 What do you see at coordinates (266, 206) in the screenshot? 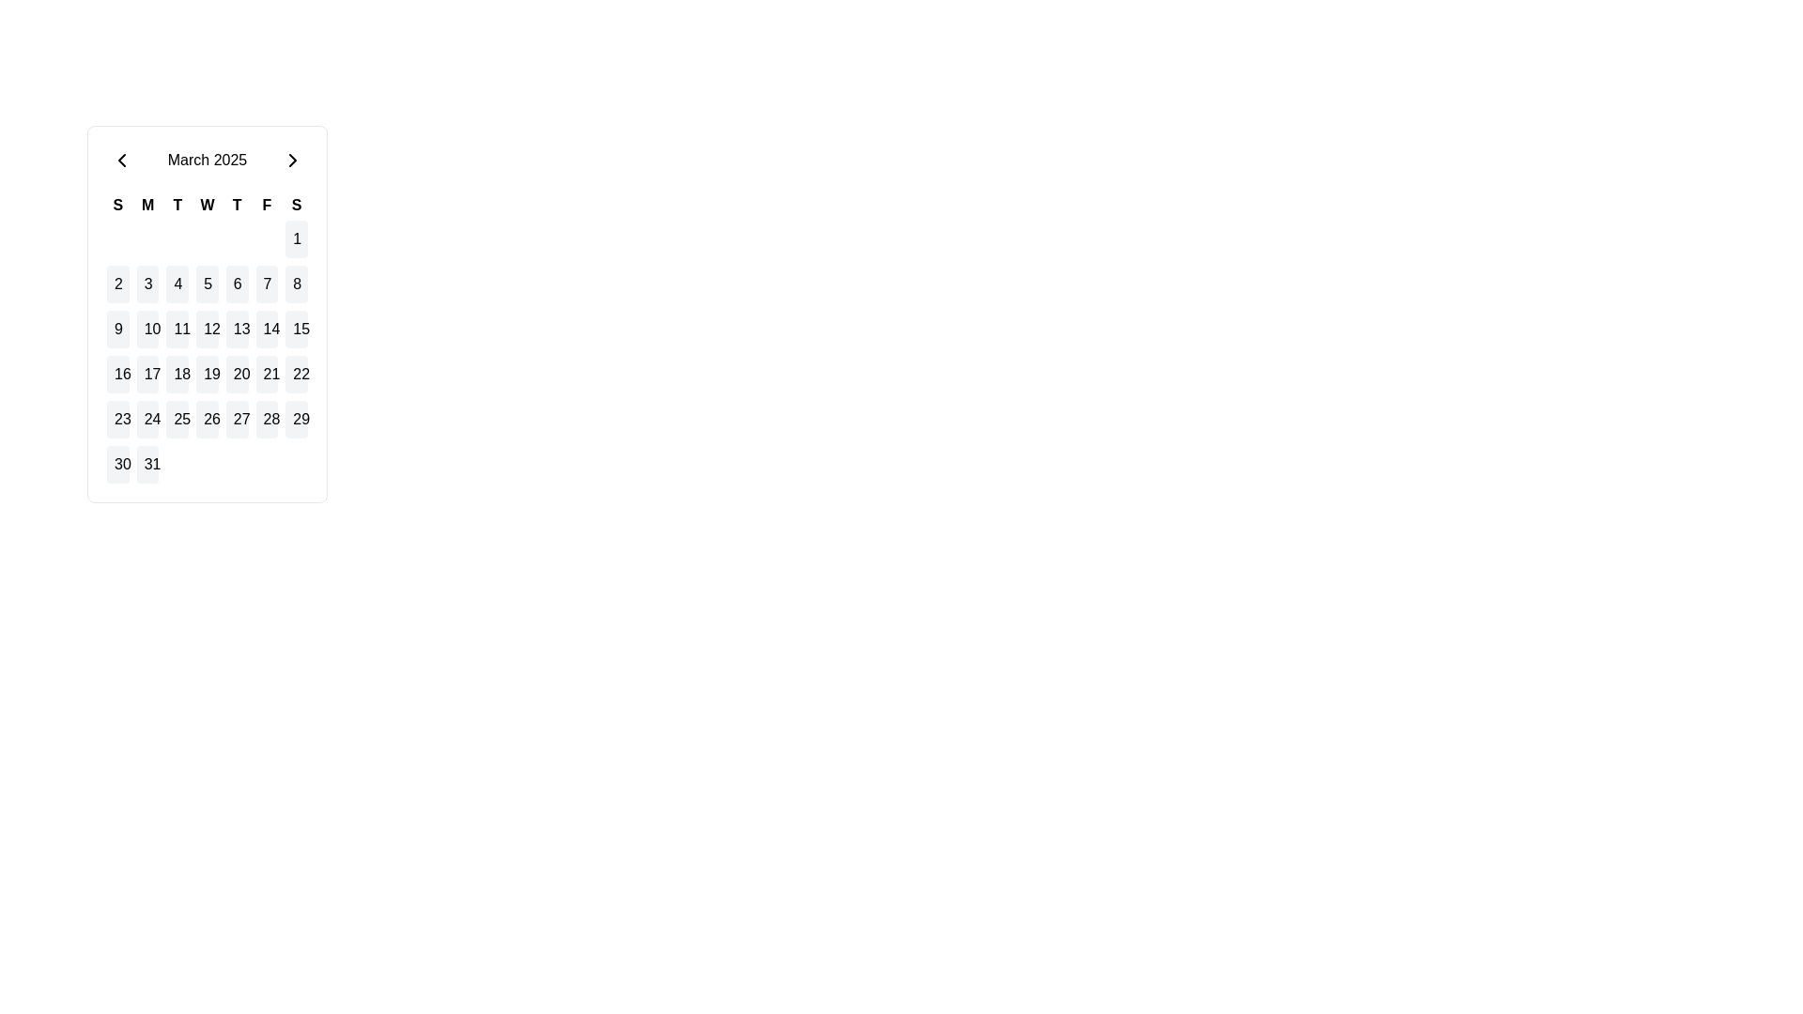
I see `the 'Friday' text label in the header section of the calendar, which is the sixth element in the row of day labels` at bounding box center [266, 206].